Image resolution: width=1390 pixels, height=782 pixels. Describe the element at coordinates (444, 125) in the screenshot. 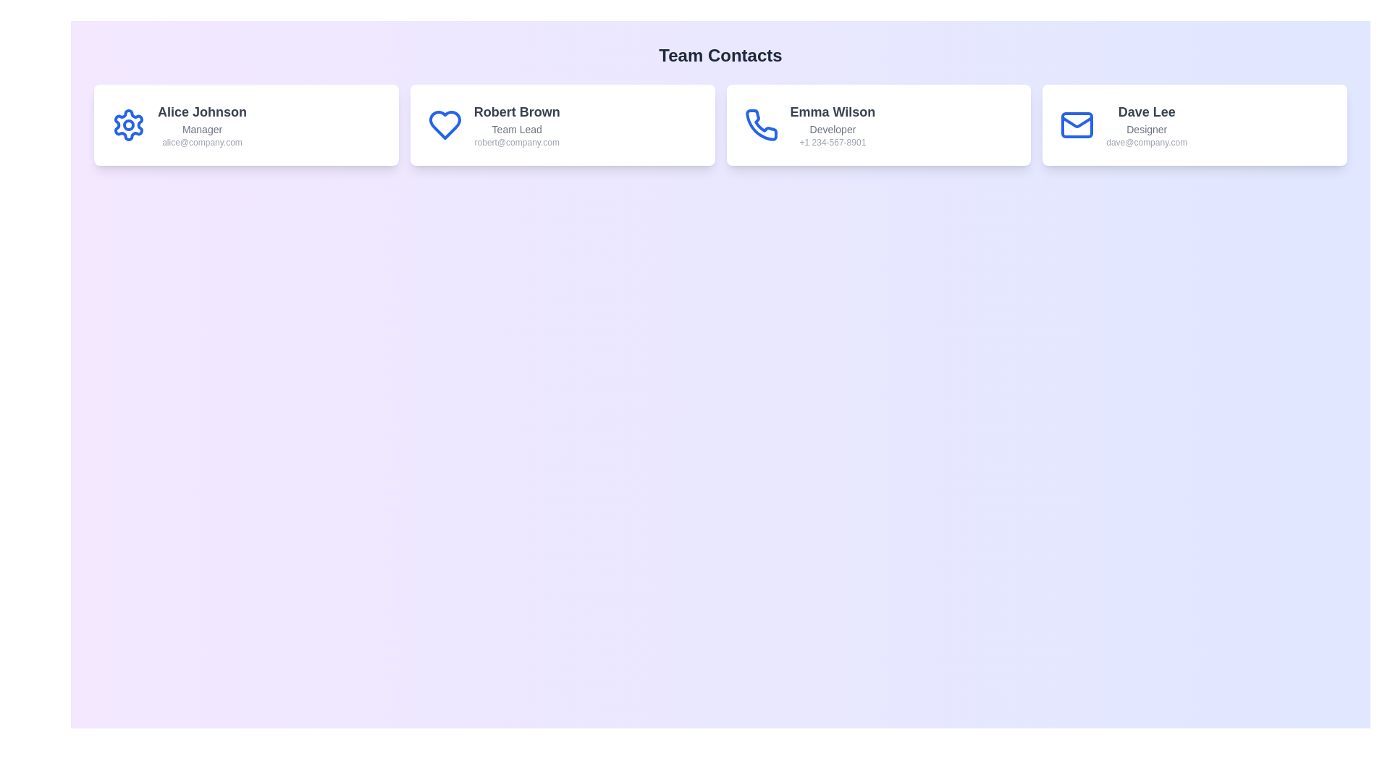

I see `the heart icon representing Robert Brown's favorite status, located on the second card from the left in the top row` at that location.